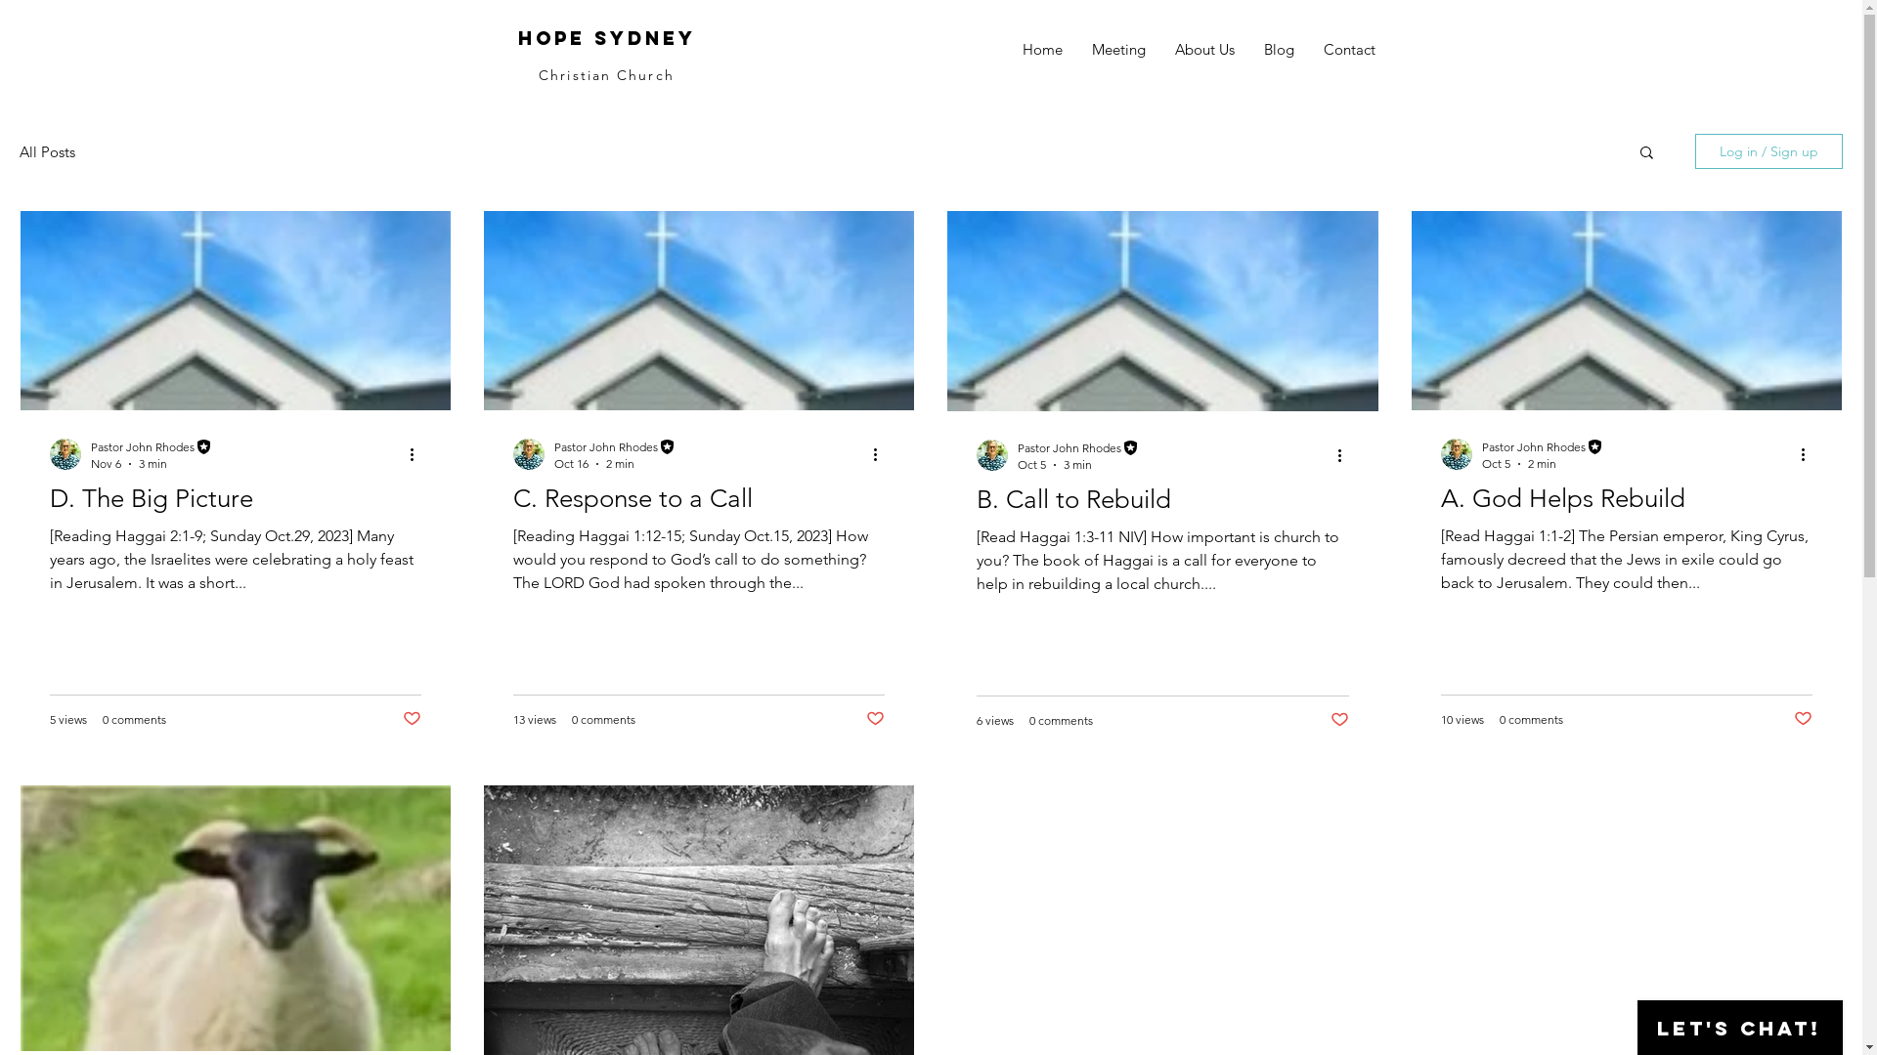 The width and height of the screenshot is (1877, 1055). I want to click on 'Log in / Sign up', so click(1693, 149).